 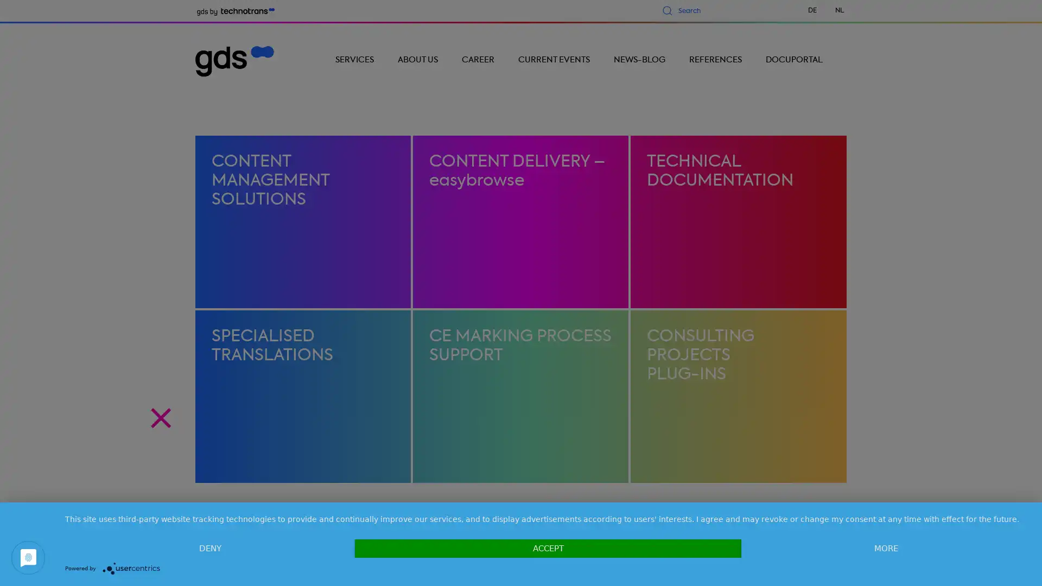 I want to click on MORE, so click(x=886, y=548).